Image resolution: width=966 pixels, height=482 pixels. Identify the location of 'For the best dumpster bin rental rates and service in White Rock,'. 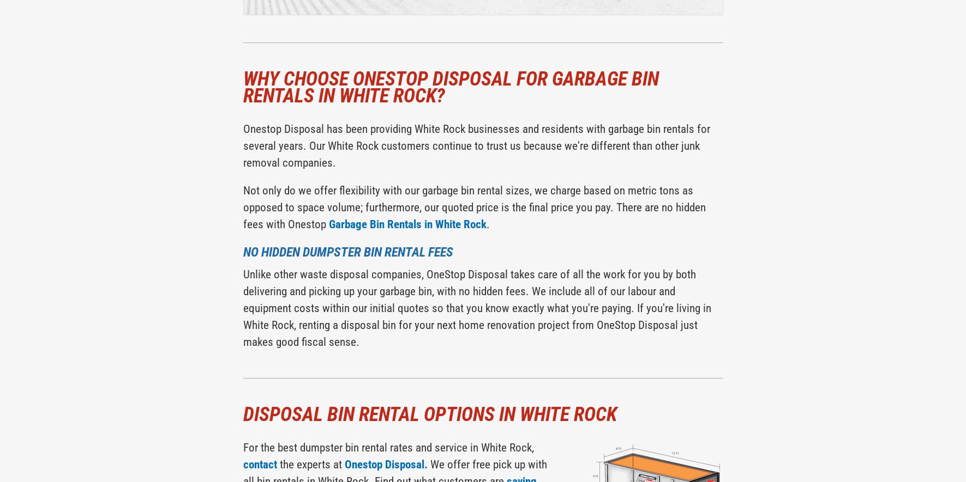
(388, 447).